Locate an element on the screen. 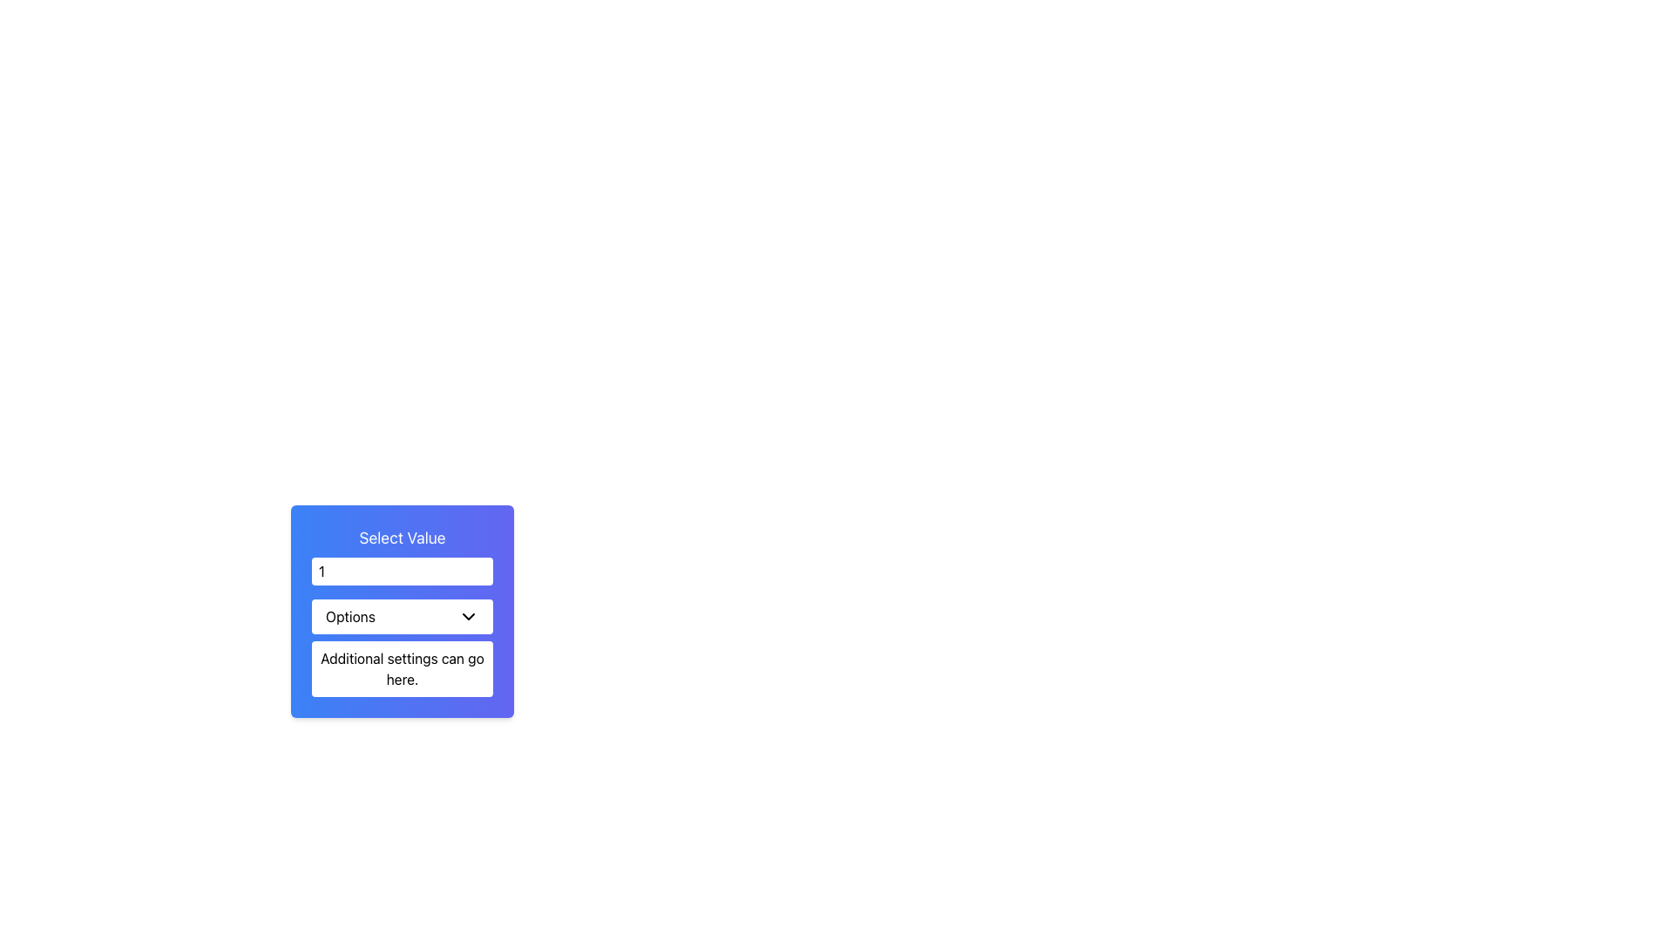  the dropdown menu trigger located below the numeric input field labeled '1' is located at coordinates (401, 616).